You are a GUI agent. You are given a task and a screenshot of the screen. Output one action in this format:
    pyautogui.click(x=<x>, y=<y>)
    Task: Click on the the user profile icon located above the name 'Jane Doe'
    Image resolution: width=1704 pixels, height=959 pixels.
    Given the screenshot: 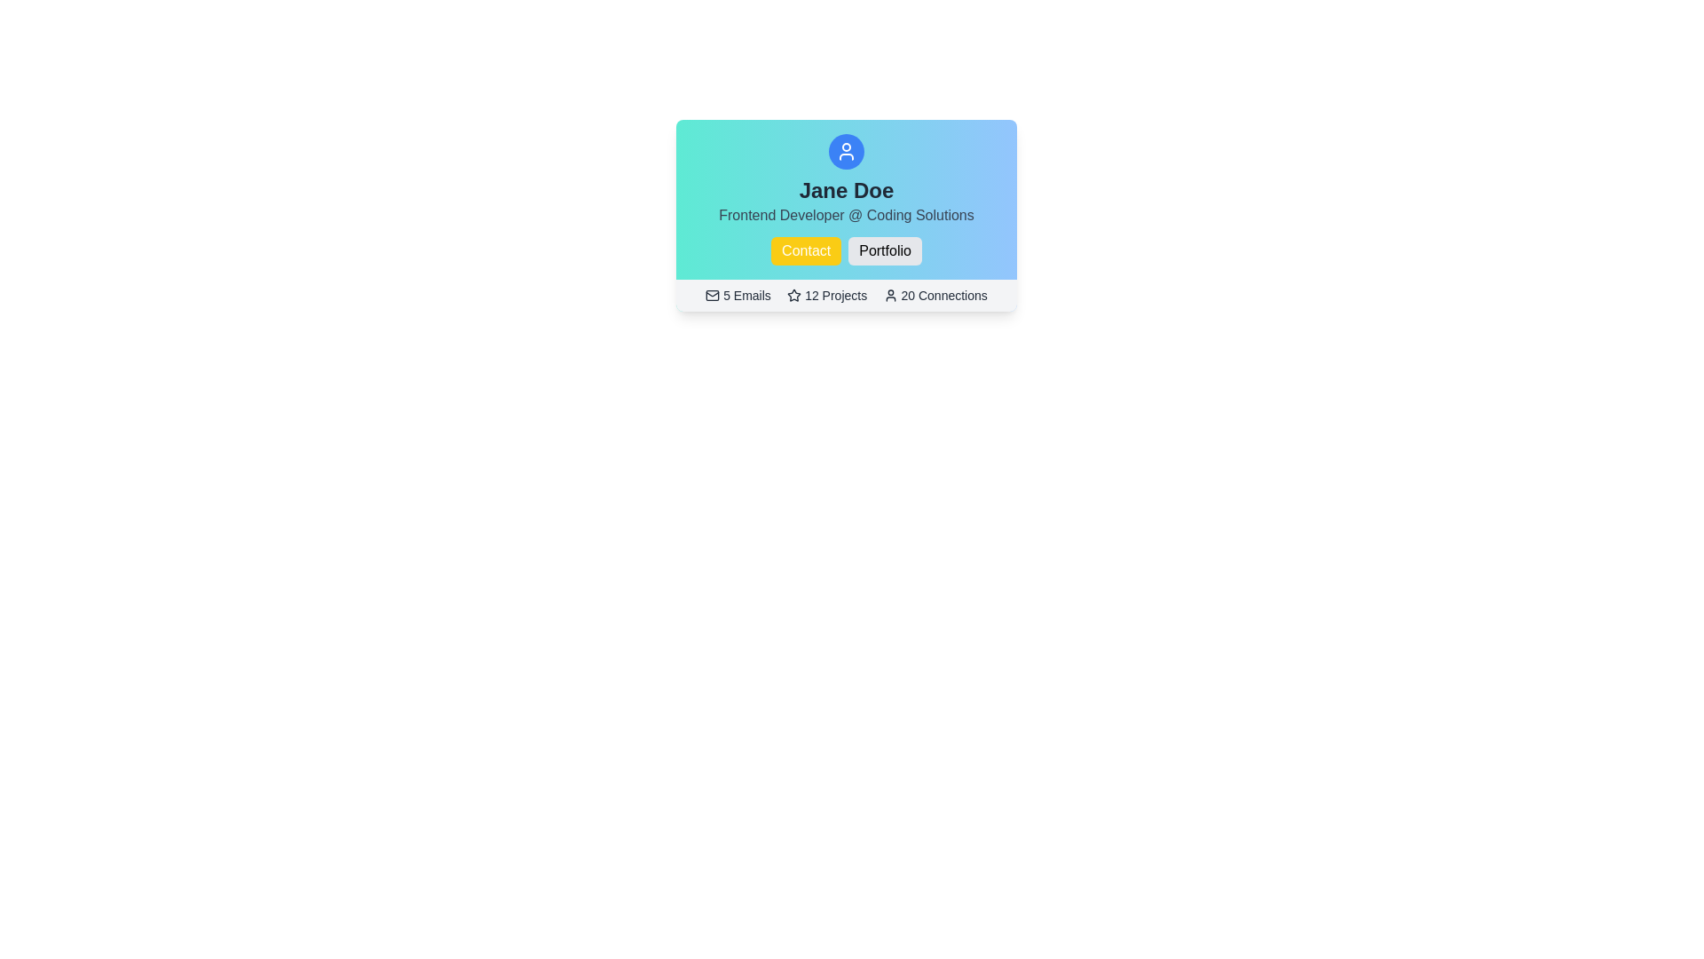 What is the action you would take?
    pyautogui.click(x=846, y=150)
    